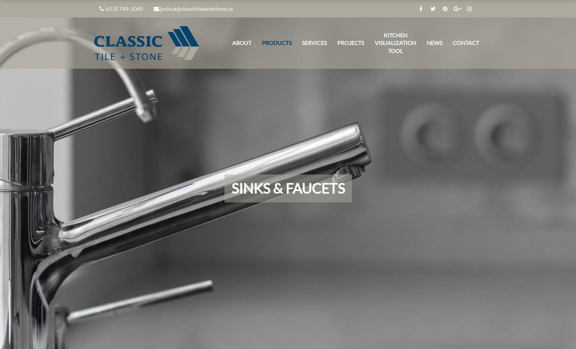 The width and height of the screenshot is (576, 349). Describe the element at coordinates (302, 42) in the screenshot. I see `'Services'` at that location.